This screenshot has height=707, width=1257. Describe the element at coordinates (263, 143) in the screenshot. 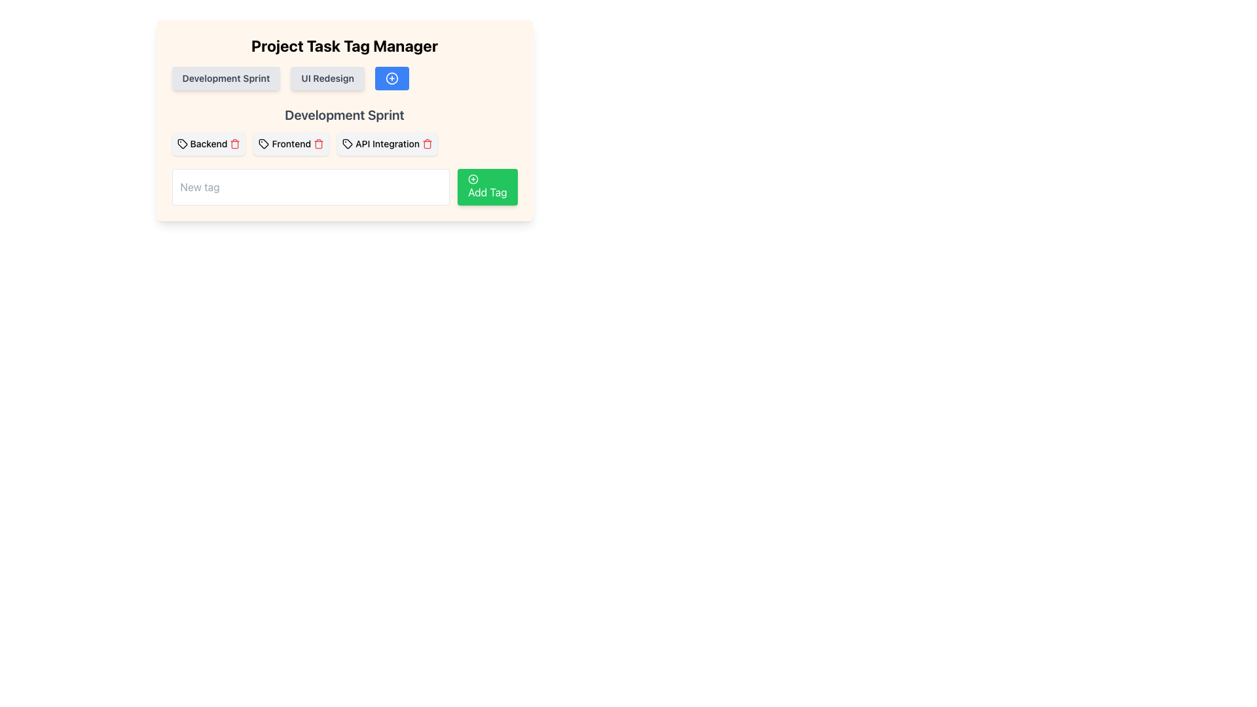

I see `the minimalist tag icon located below the 'Development Sprint' header and to the left of the 'Frontend' text` at that location.